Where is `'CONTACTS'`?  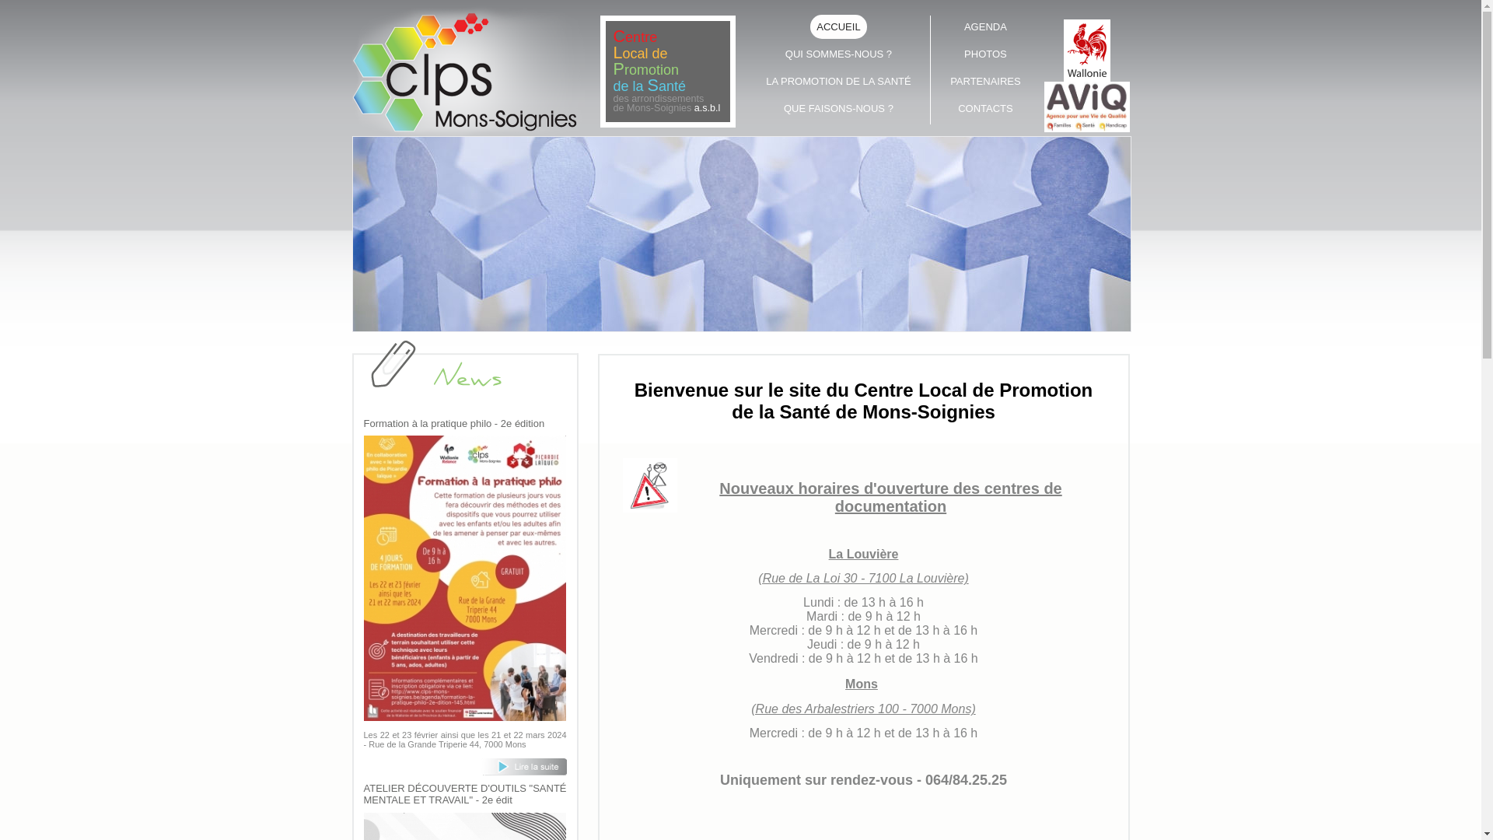 'CONTACTS' is located at coordinates (984, 107).